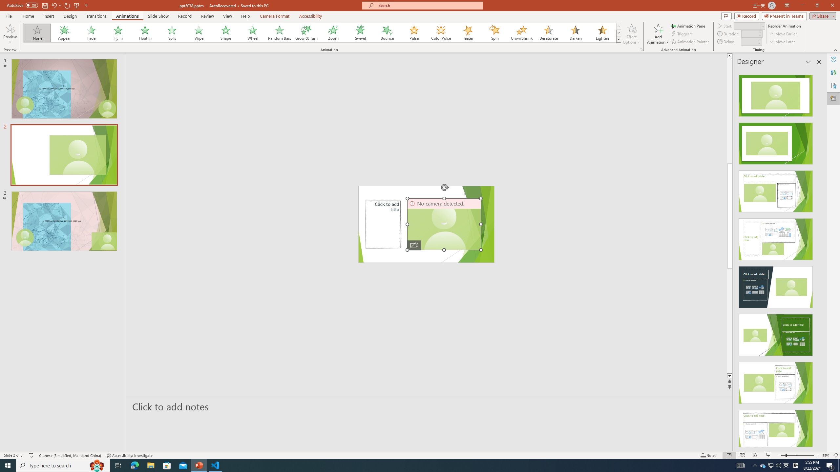 Image resolution: width=840 pixels, height=472 pixels. I want to click on 'AutomationID: AnimationGallery', so click(322, 32).